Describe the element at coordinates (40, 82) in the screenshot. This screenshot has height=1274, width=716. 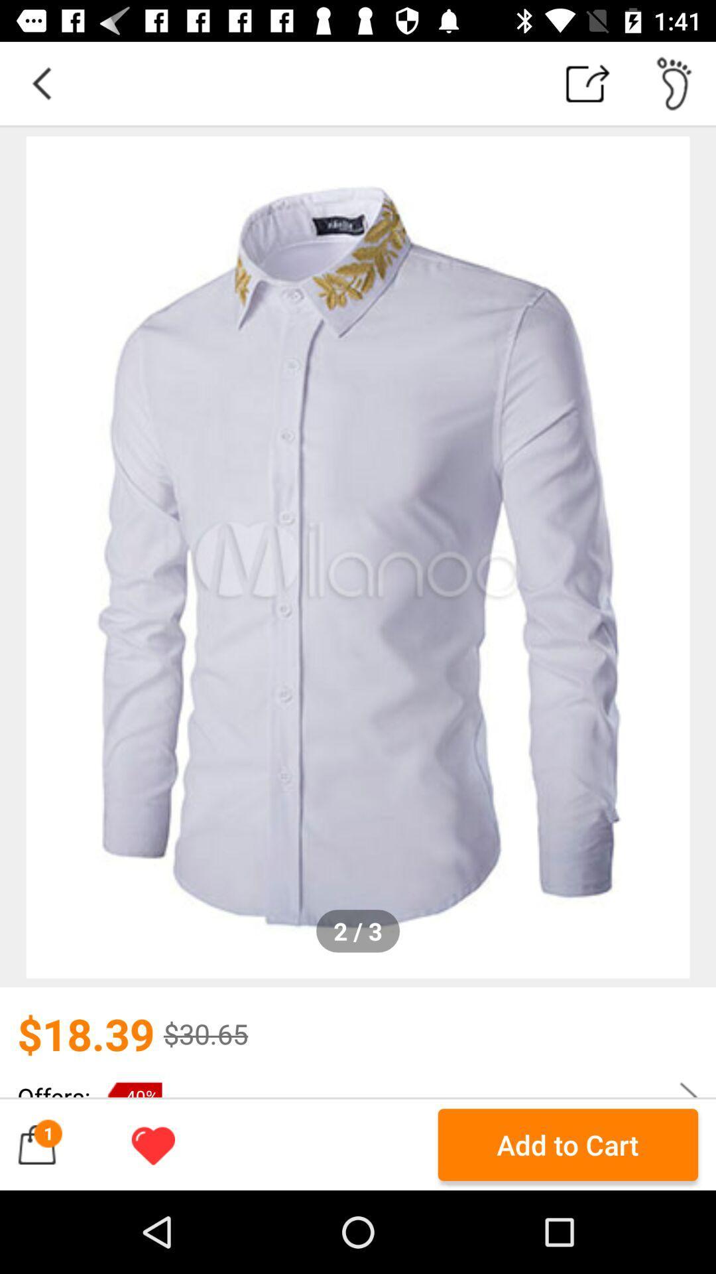
I see `go back` at that location.